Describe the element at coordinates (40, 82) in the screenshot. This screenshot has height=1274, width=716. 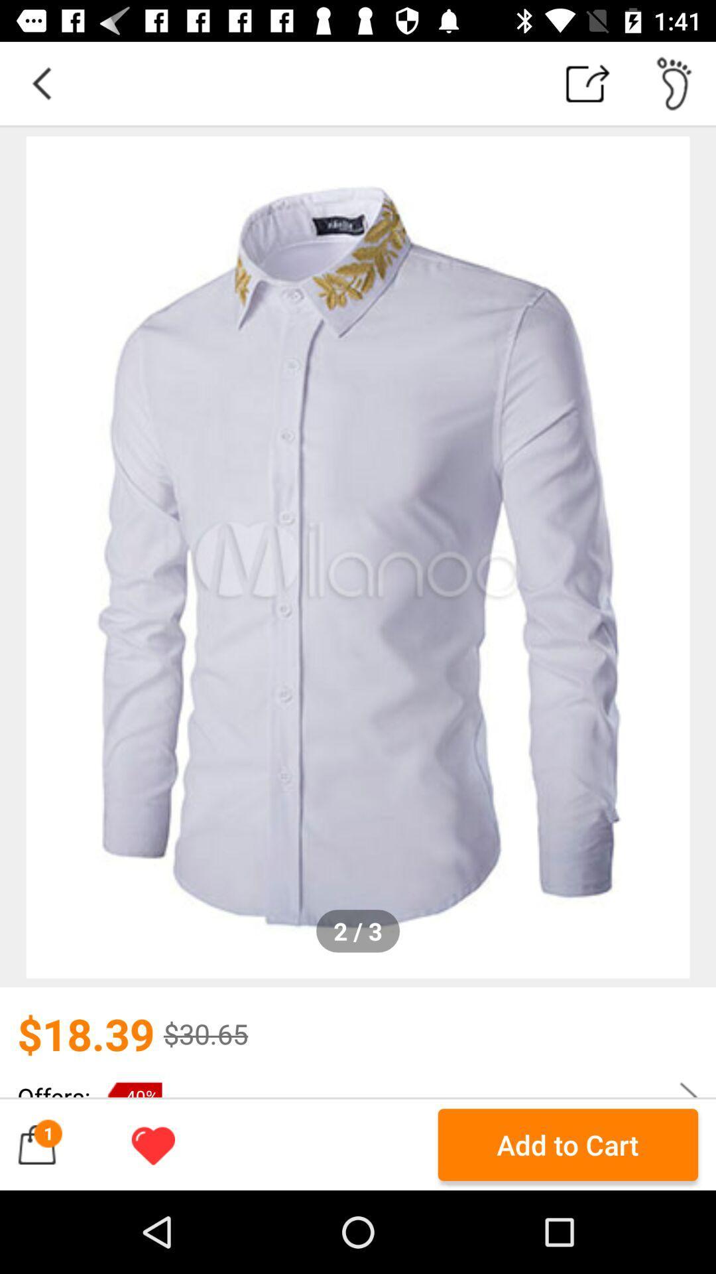
I see `go back` at that location.